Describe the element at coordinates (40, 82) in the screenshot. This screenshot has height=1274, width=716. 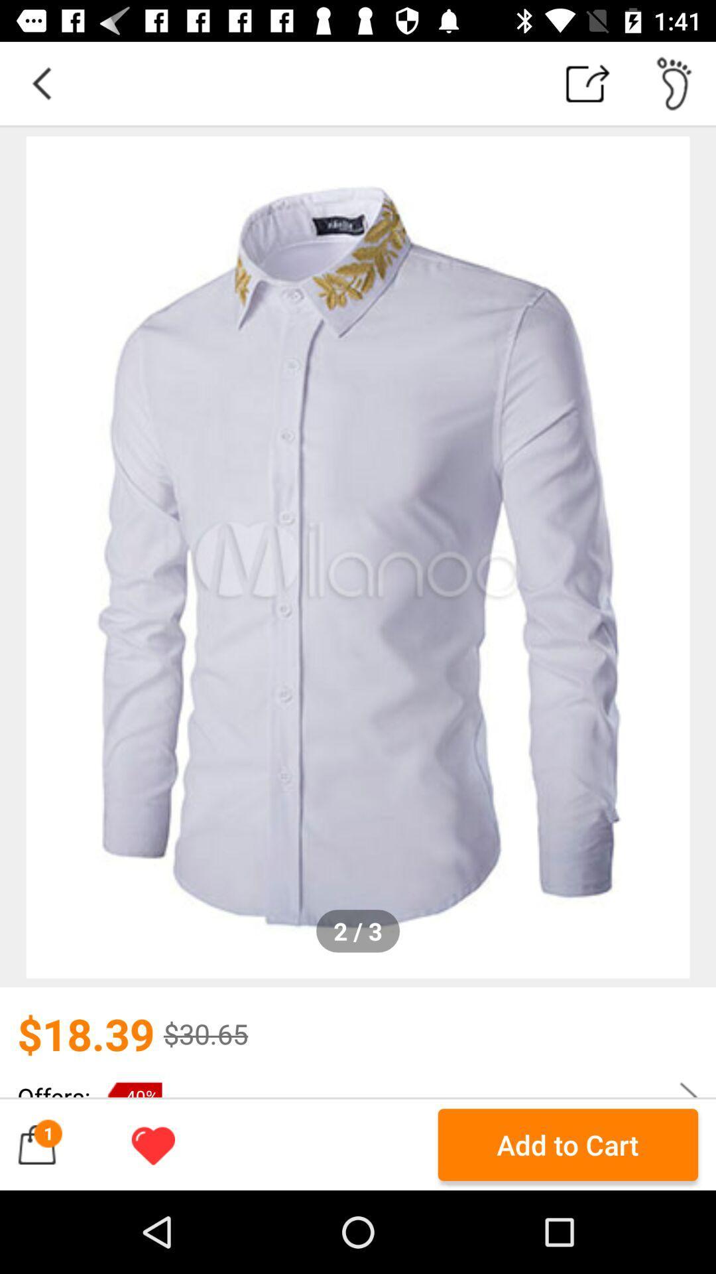
I see `go back` at that location.